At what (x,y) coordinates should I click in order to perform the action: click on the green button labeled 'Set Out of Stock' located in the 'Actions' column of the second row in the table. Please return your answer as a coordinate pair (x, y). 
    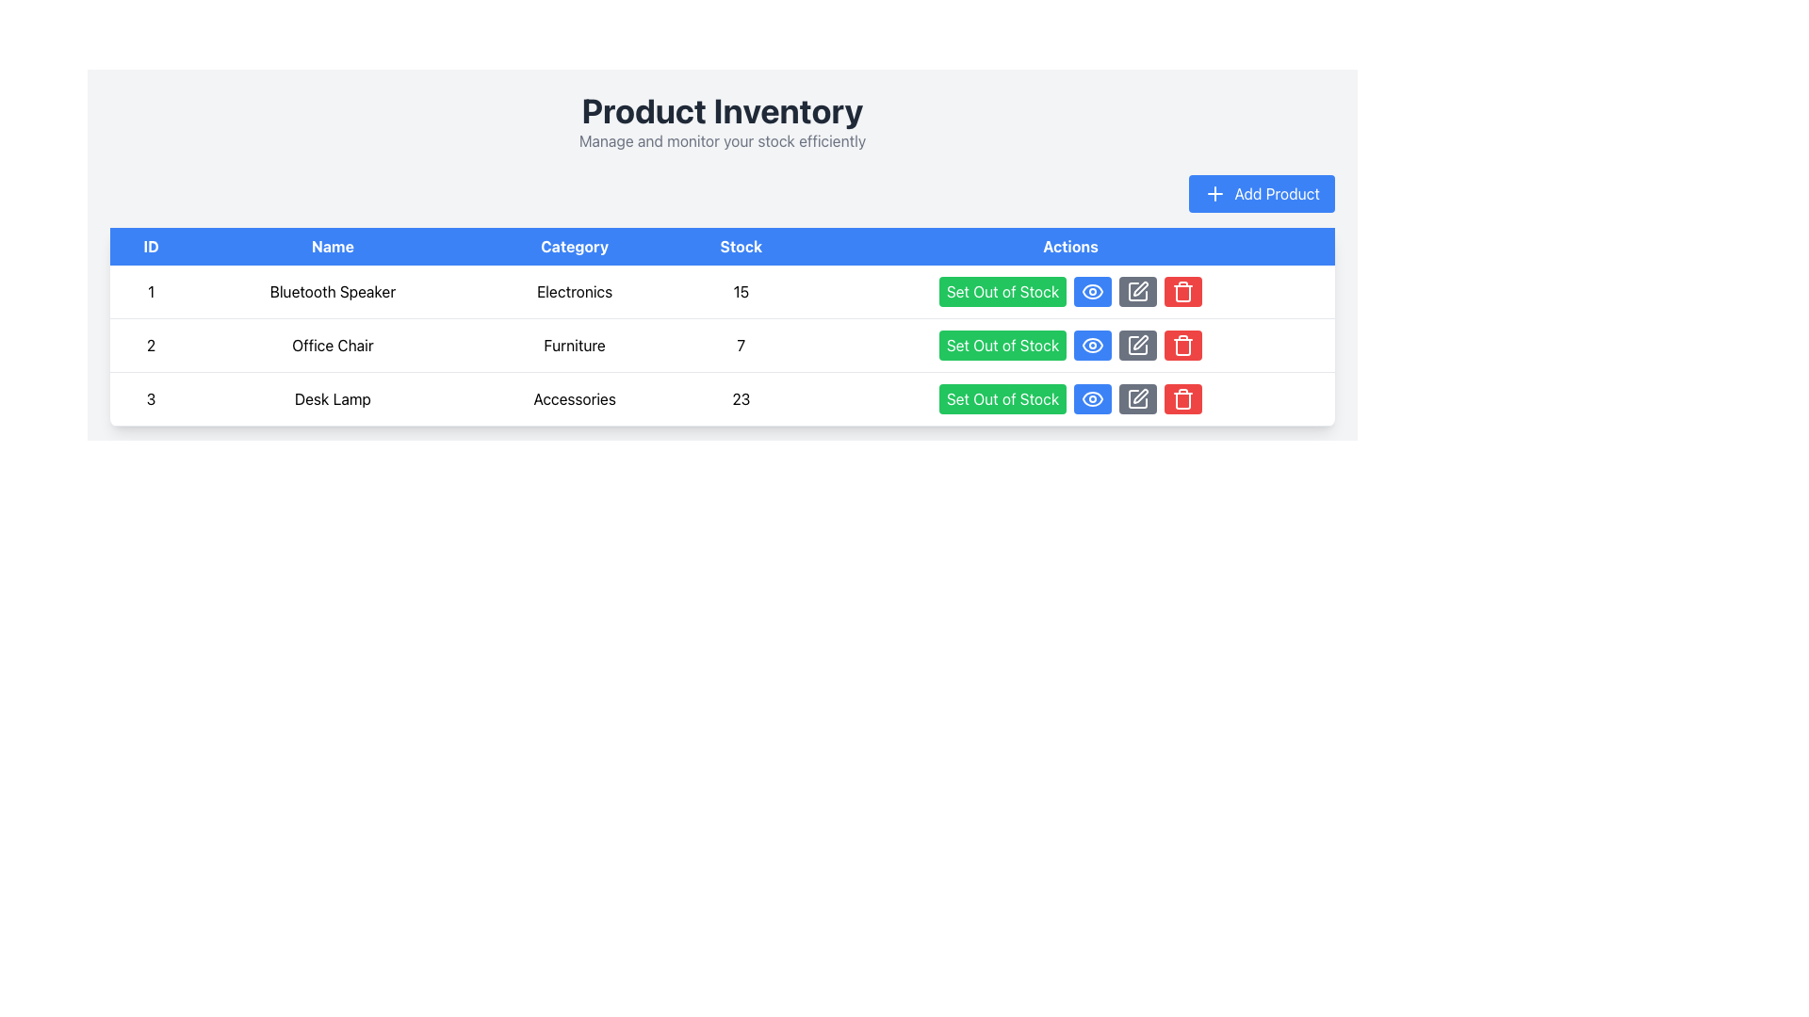
    Looking at the image, I should click on (1070, 345).